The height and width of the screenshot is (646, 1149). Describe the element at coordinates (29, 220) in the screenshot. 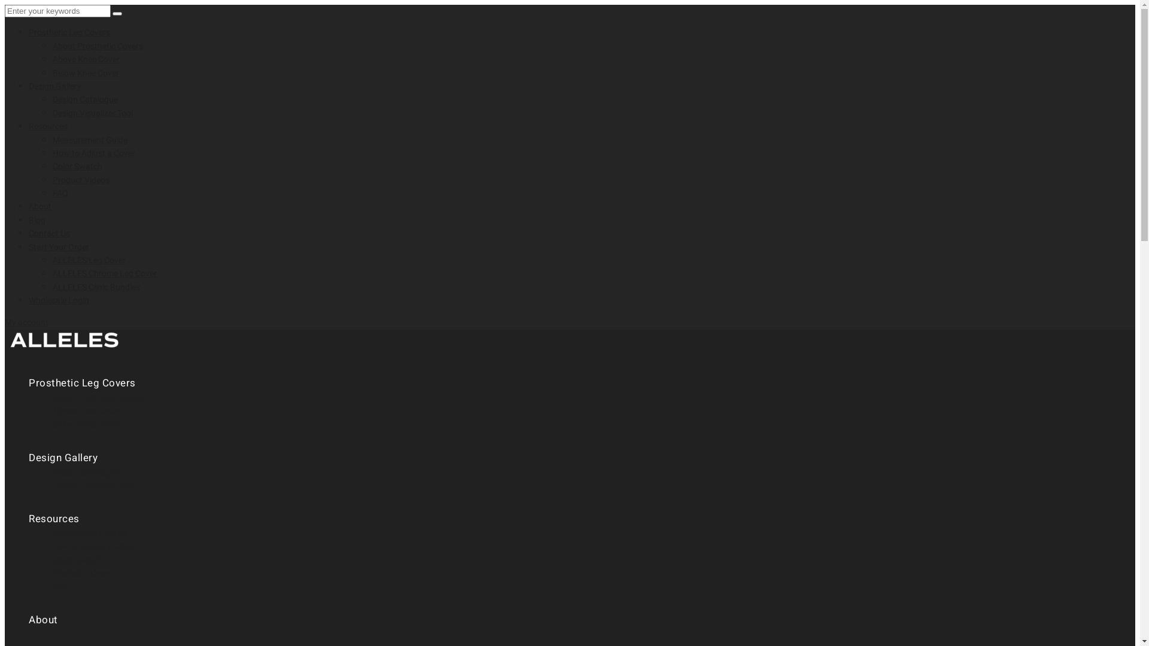

I see `'Blog'` at that location.